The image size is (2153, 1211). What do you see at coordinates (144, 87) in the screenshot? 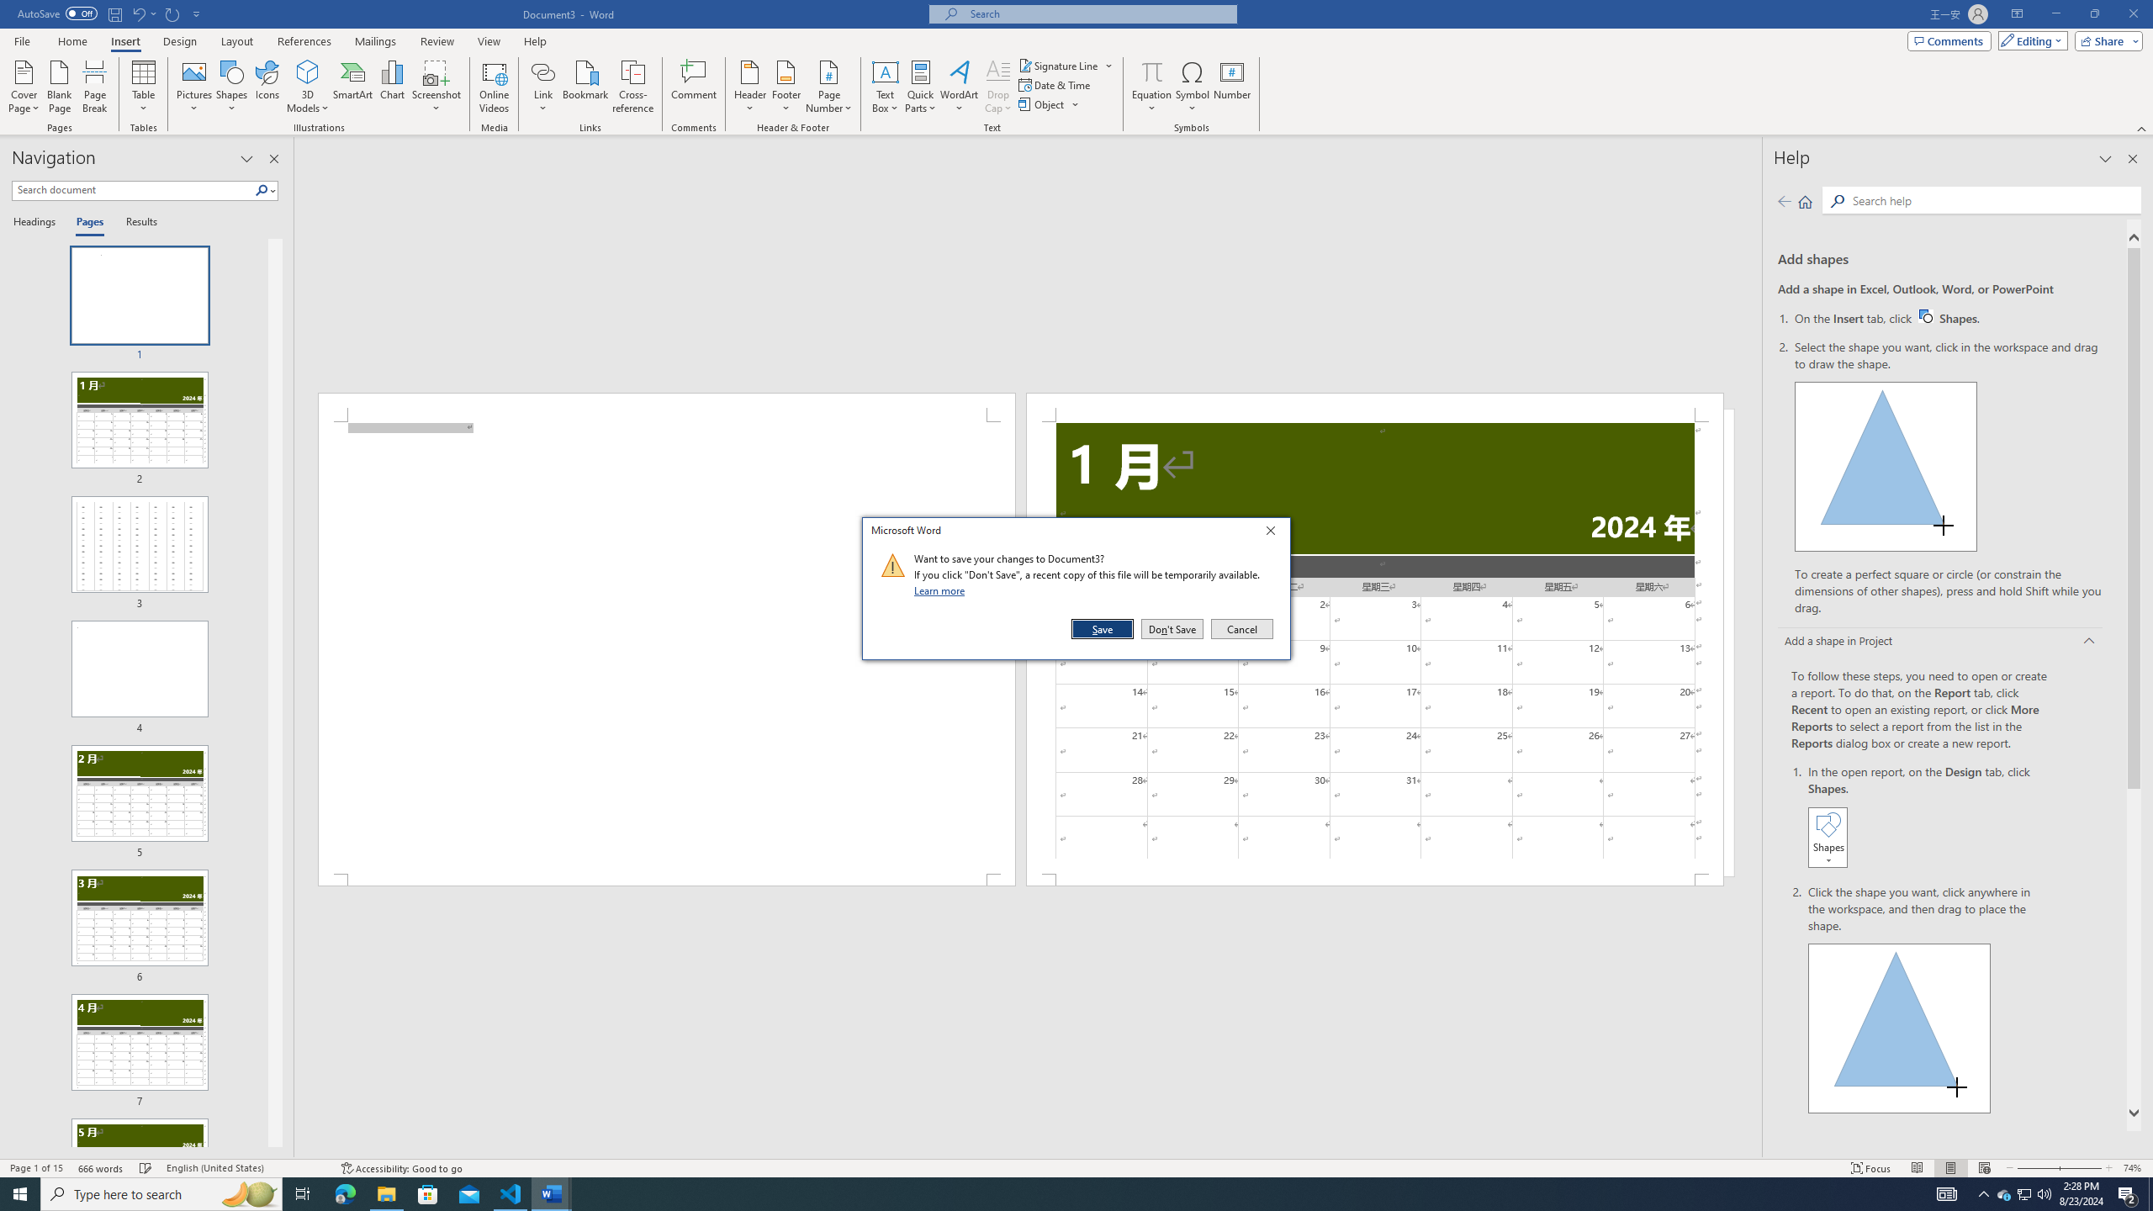
I see `'Table'` at bounding box center [144, 87].